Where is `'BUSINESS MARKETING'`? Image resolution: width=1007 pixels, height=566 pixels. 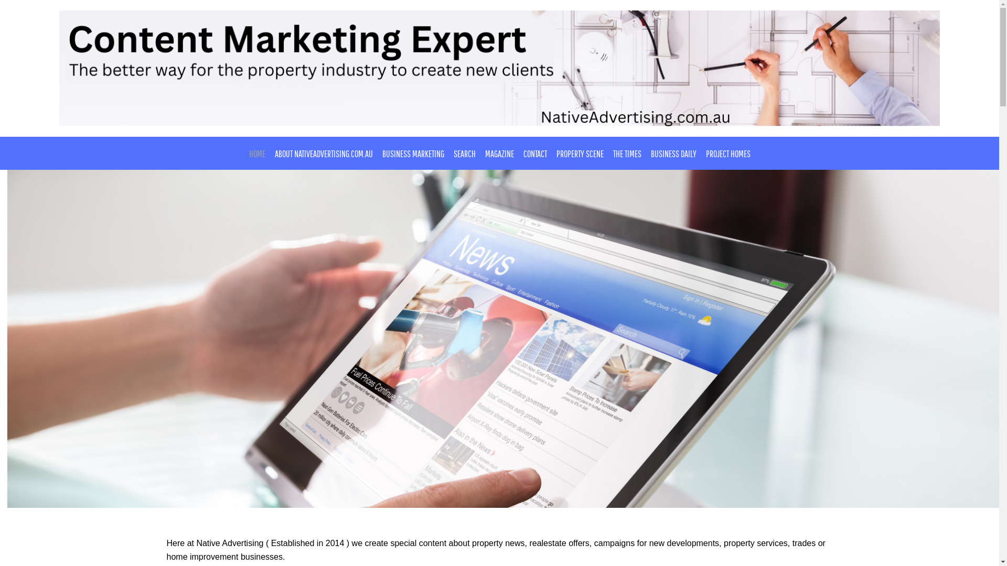
'BUSINESS MARKETING' is located at coordinates (412, 154).